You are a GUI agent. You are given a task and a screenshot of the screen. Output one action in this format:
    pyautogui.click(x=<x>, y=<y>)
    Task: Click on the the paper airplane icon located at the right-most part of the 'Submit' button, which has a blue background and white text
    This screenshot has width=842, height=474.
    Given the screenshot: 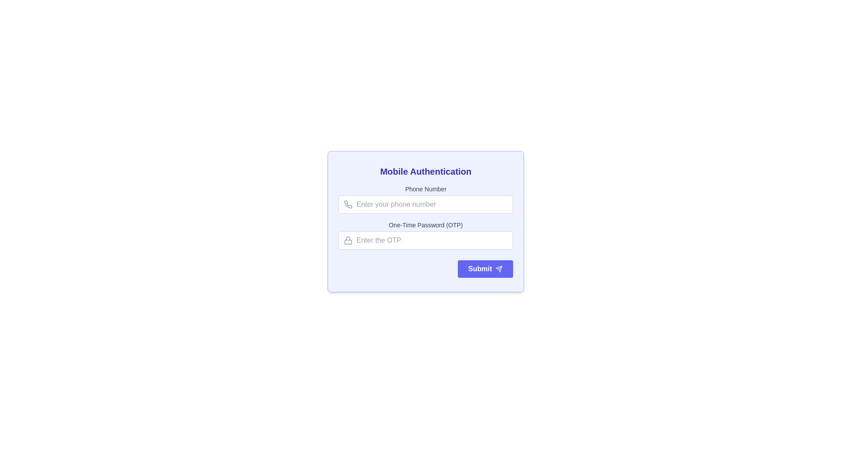 What is the action you would take?
    pyautogui.click(x=499, y=269)
    